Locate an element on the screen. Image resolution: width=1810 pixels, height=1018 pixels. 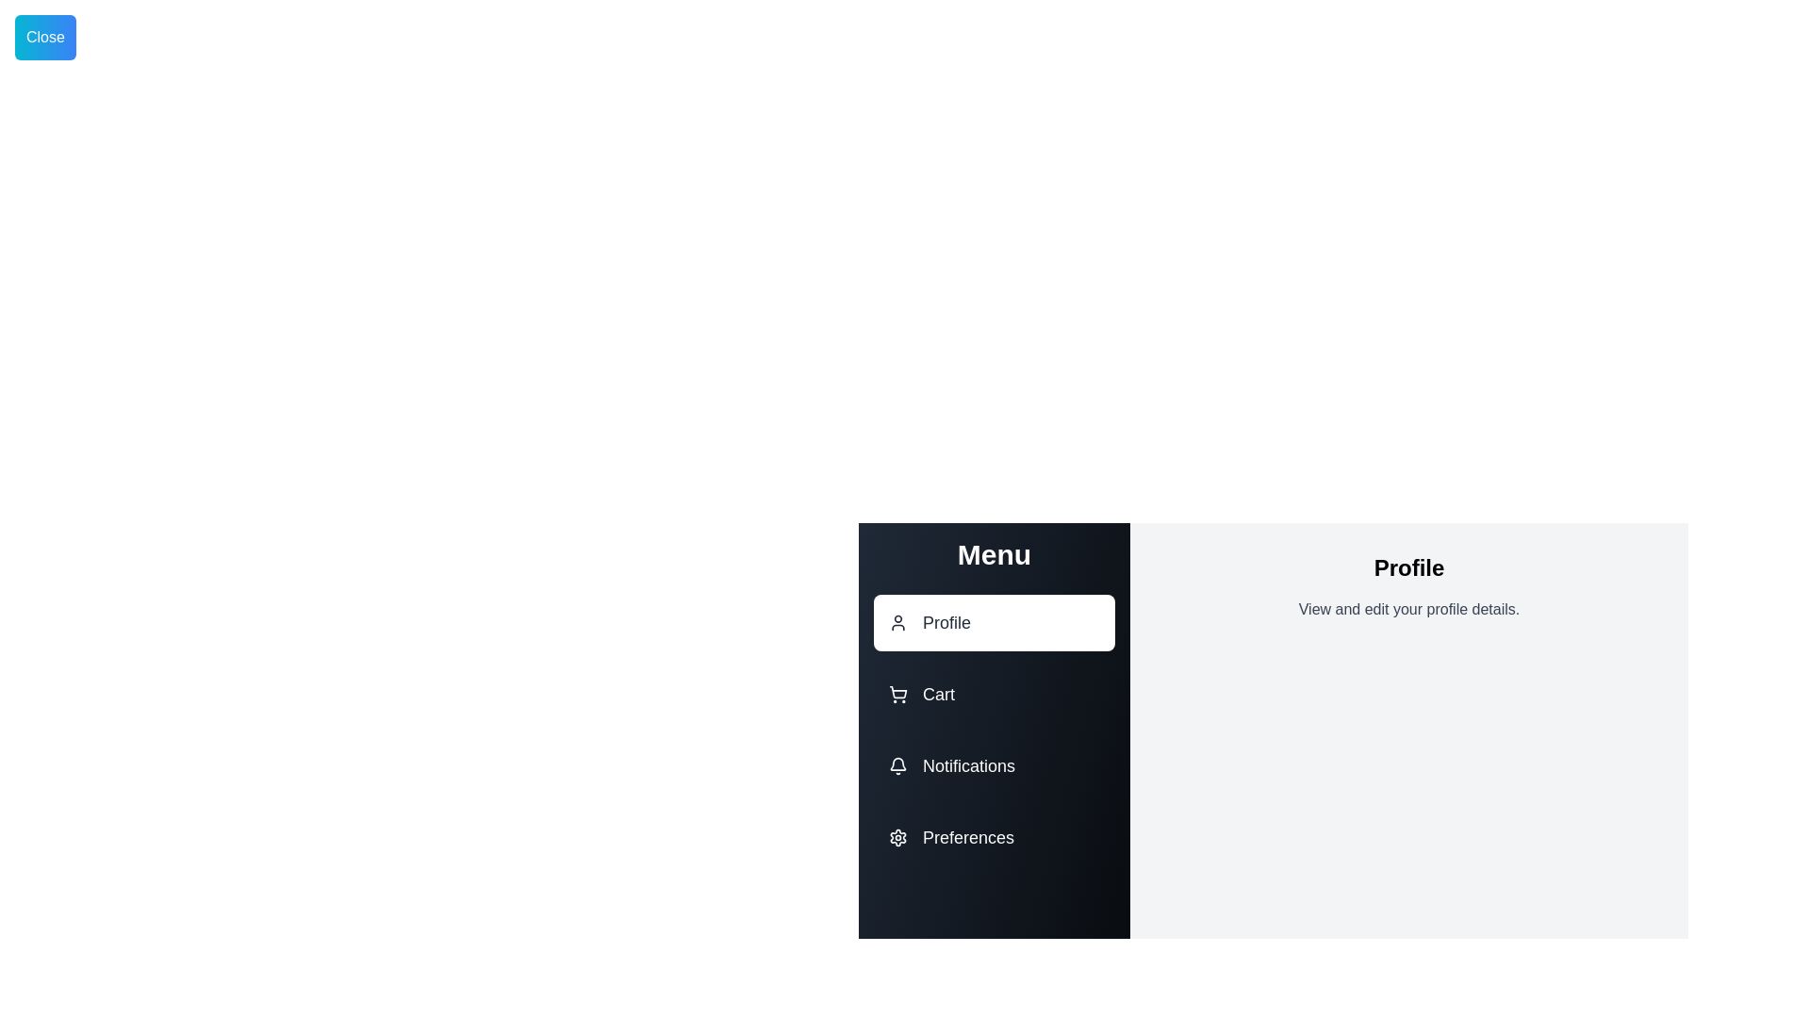
the menu option Profile by clicking on its corresponding area is located at coordinates (994, 622).